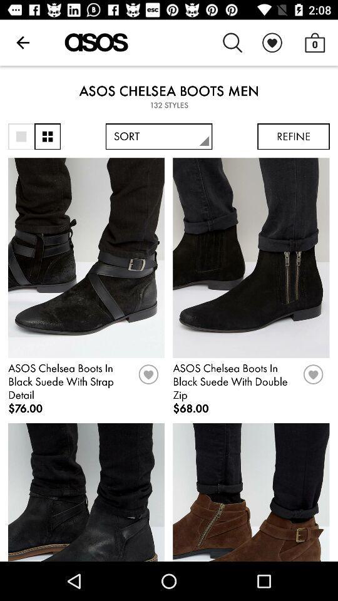 This screenshot has height=601, width=338. What do you see at coordinates (47, 136) in the screenshot?
I see `the icon next to the sort icon` at bounding box center [47, 136].